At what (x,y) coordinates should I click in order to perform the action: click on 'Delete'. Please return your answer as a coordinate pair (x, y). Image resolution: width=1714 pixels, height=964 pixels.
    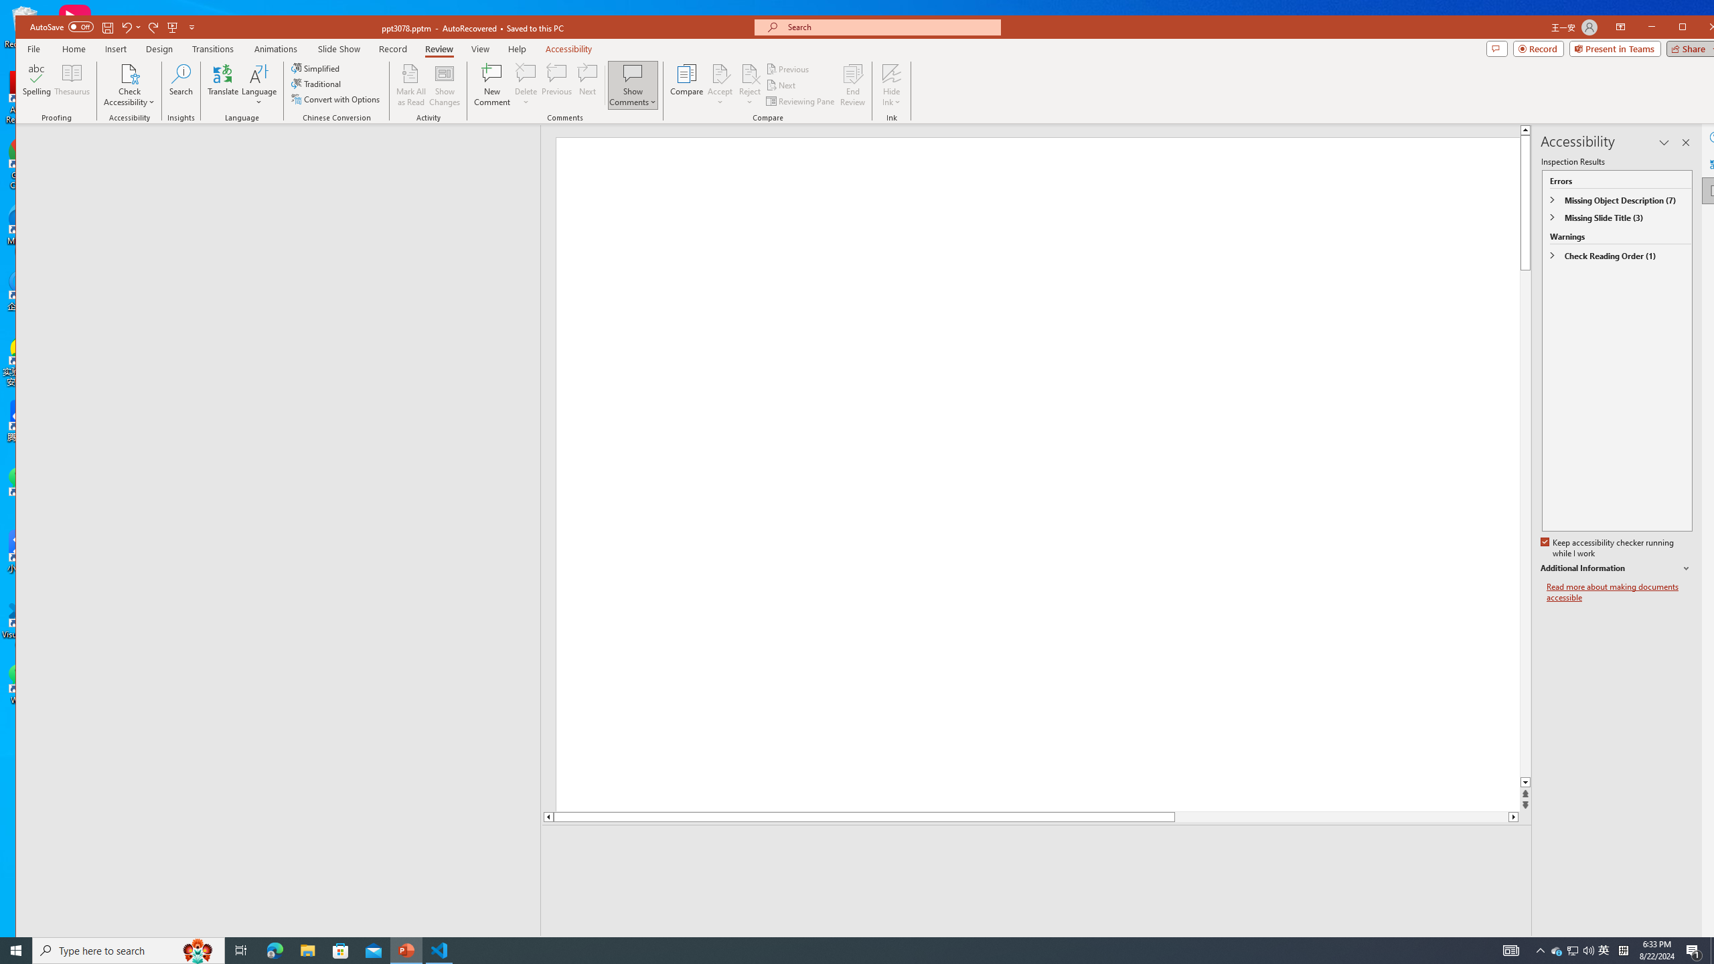
    Looking at the image, I should click on (525, 84).